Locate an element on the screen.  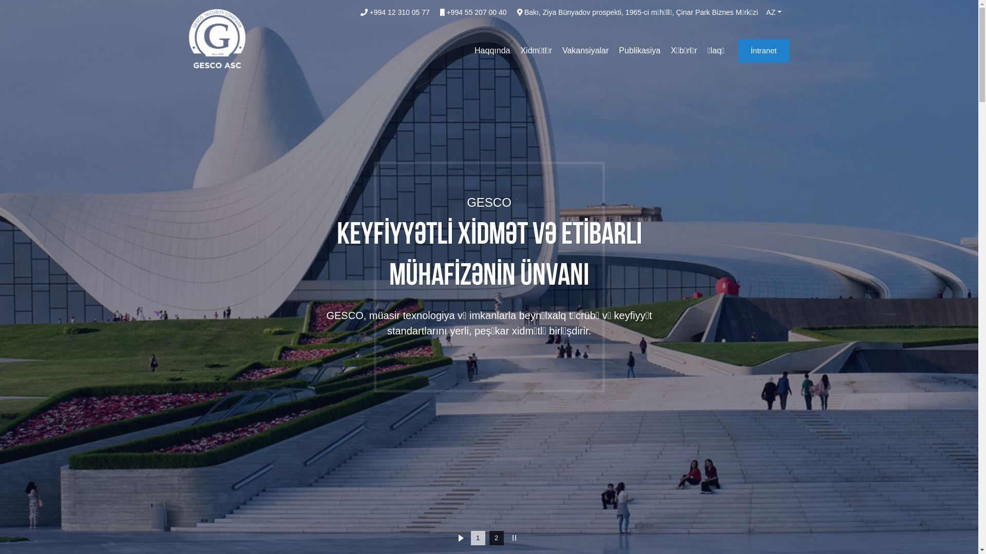
'Publikasiya' is located at coordinates (639, 51).